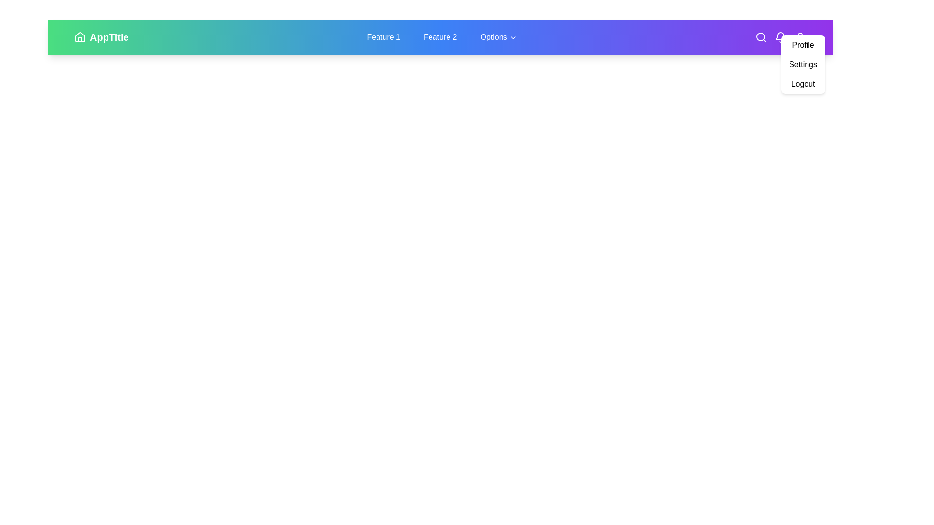 The height and width of the screenshot is (525, 934). What do you see at coordinates (80, 37) in the screenshot?
I see `the 'Home' icon to navigate to the home page` at bounding box center [80, 37].